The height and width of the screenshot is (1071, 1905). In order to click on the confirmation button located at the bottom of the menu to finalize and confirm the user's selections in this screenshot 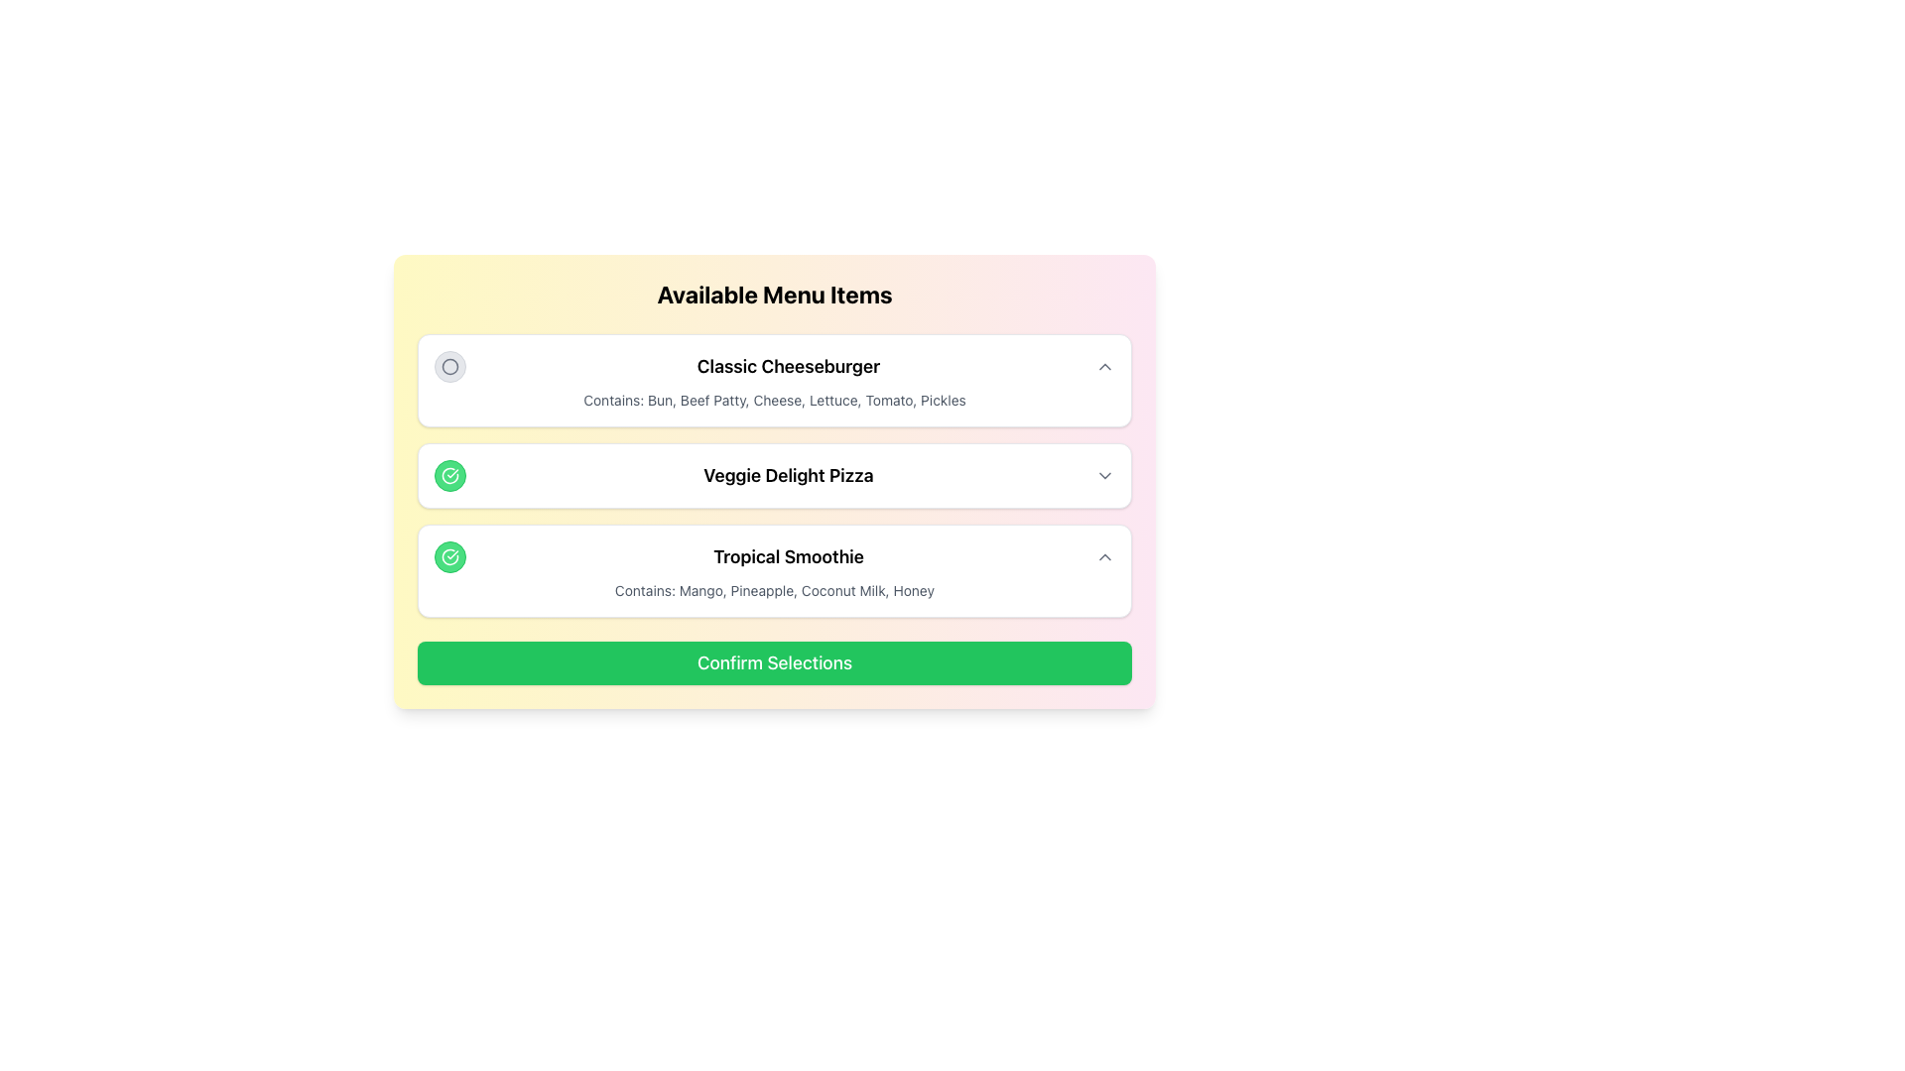, I will do `click(774, 662)`.